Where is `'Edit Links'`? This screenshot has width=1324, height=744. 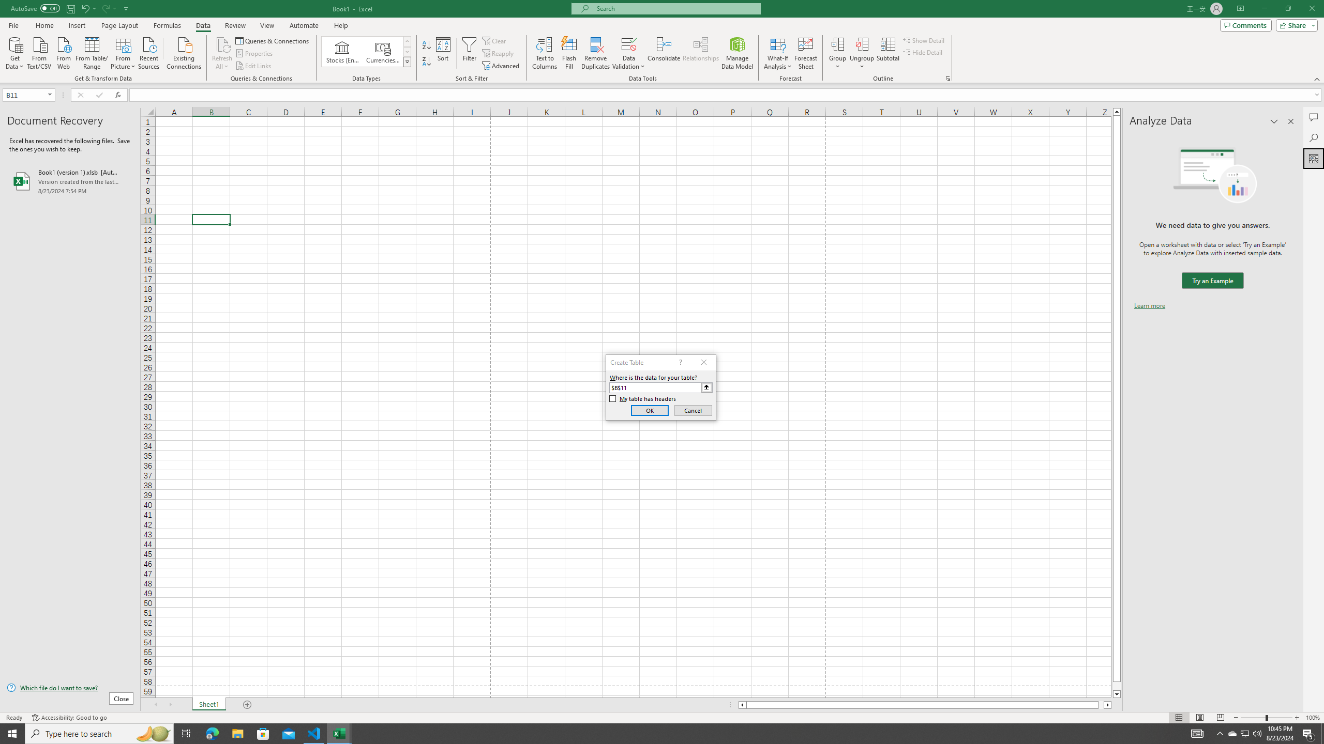
'Edit Links' is located at coordinates (253, 66).